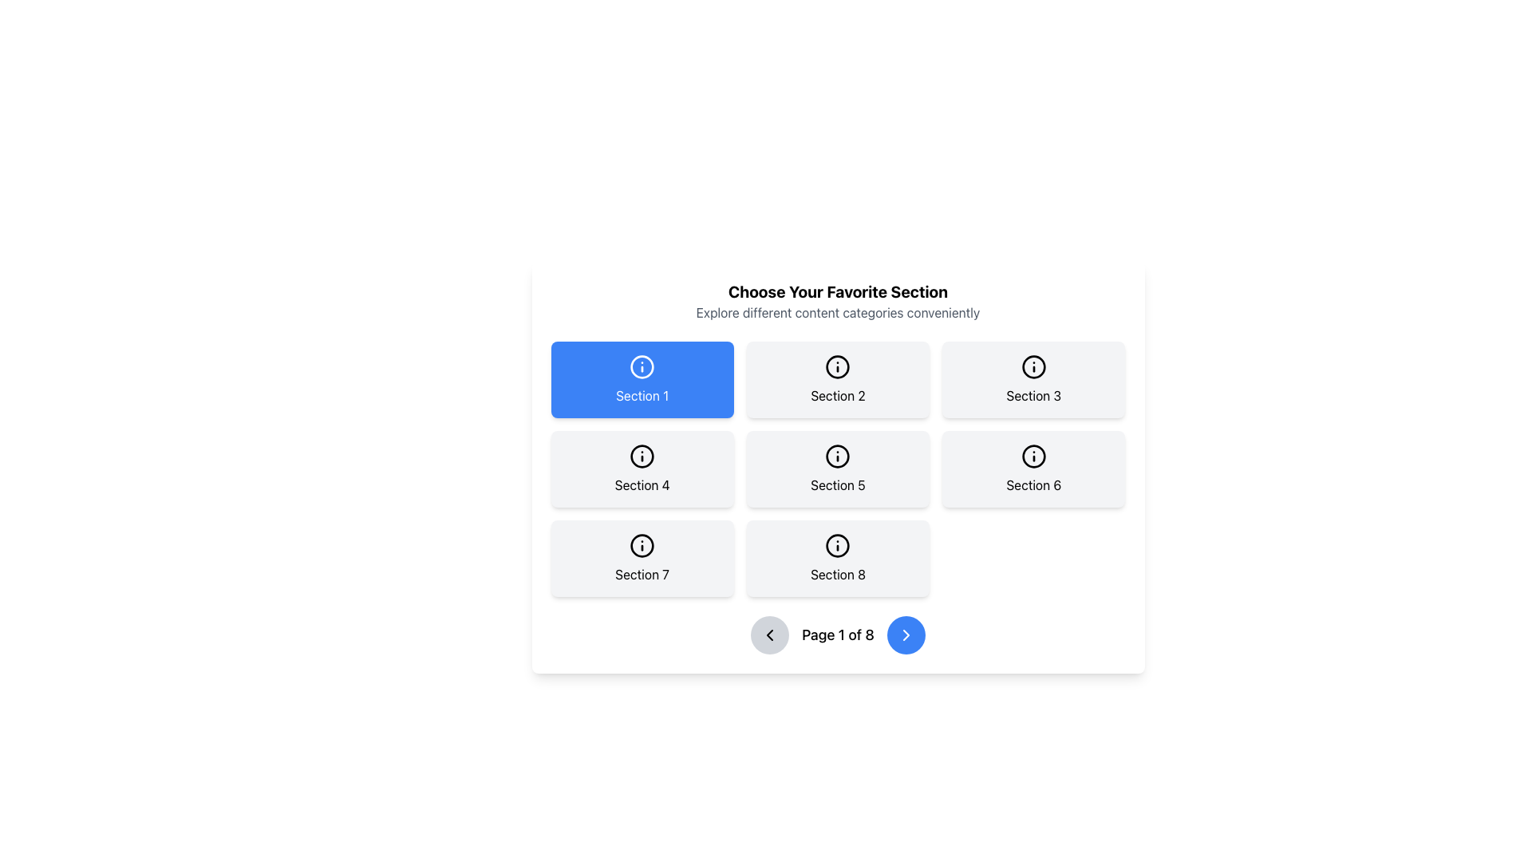 This screenshot has width=1532, height=862. What do you see at coordinates (837, 456) in the screenshot?
I see `the circular informational icon containing the letter 'i', positioned above the text label 'Section 5' in the second row, third column of the grid layout` at bounding box center [837, 456].